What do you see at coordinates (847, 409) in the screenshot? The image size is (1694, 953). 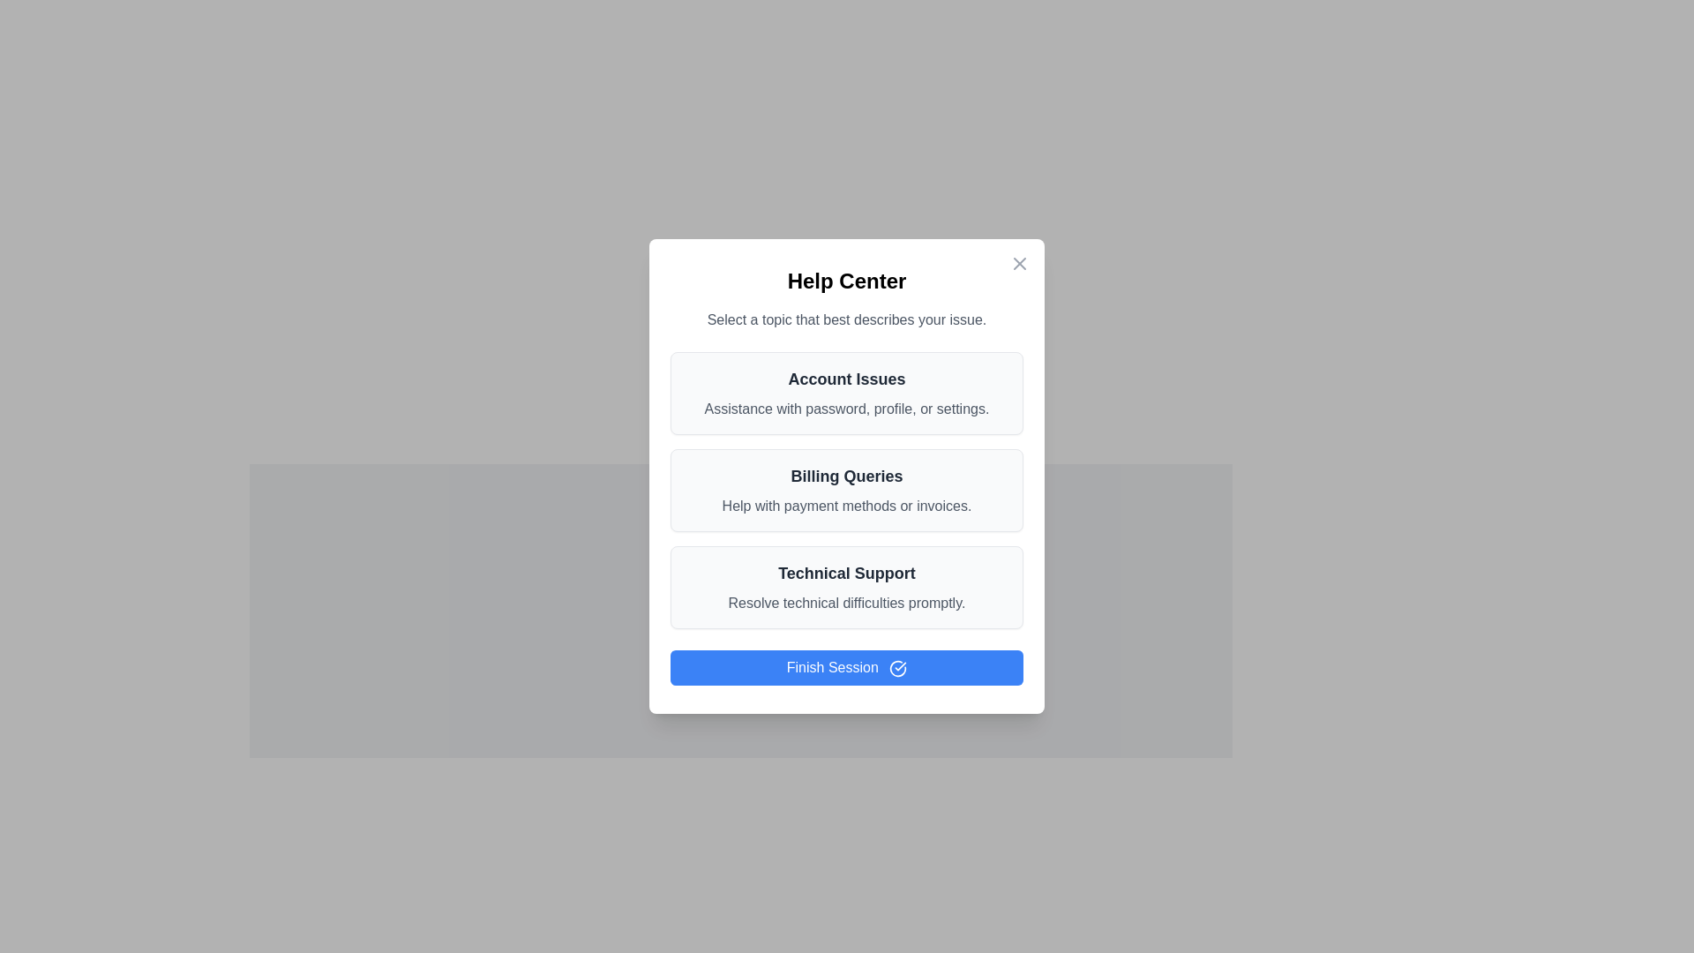 I see `the text label providing additional descriptive text for the 'Account Issues' topic, located beneath the bold text 'Account Issues' in the dialog box` at bounding box center [847, 409].